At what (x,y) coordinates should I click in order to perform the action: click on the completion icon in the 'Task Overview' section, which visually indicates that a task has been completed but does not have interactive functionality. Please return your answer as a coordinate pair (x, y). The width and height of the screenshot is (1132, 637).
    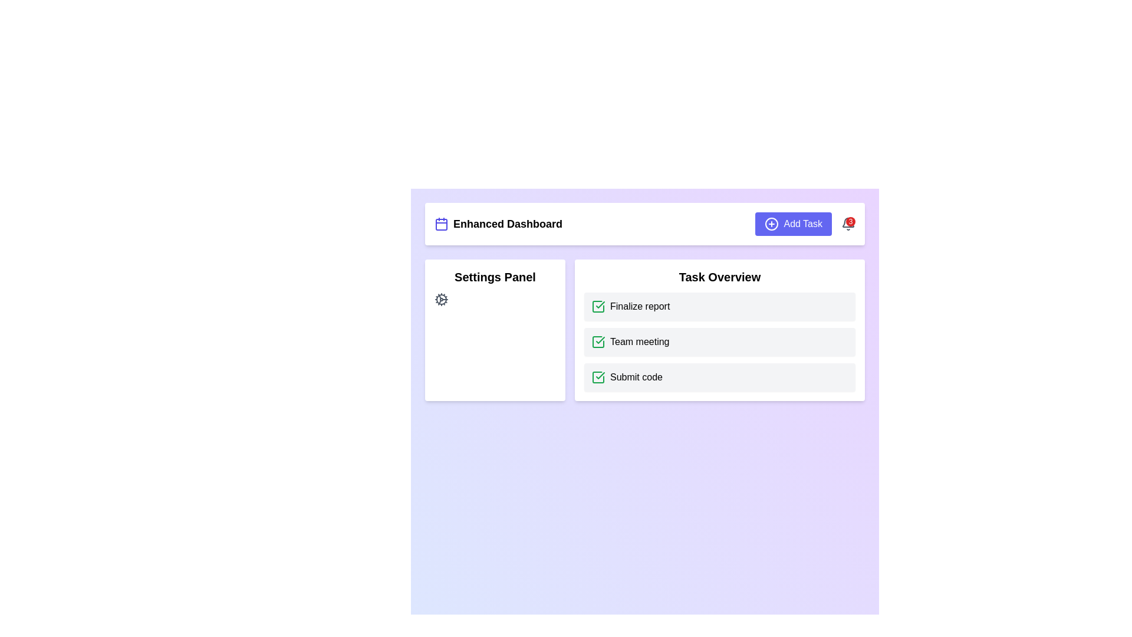
    Looking at the image, I should click on (600, 304).